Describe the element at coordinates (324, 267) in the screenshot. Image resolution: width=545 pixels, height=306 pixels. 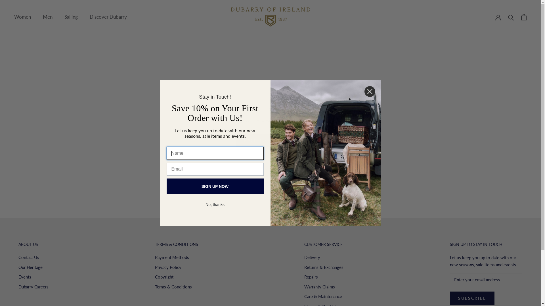
I see `'Returns & Exchanges'` at that location.